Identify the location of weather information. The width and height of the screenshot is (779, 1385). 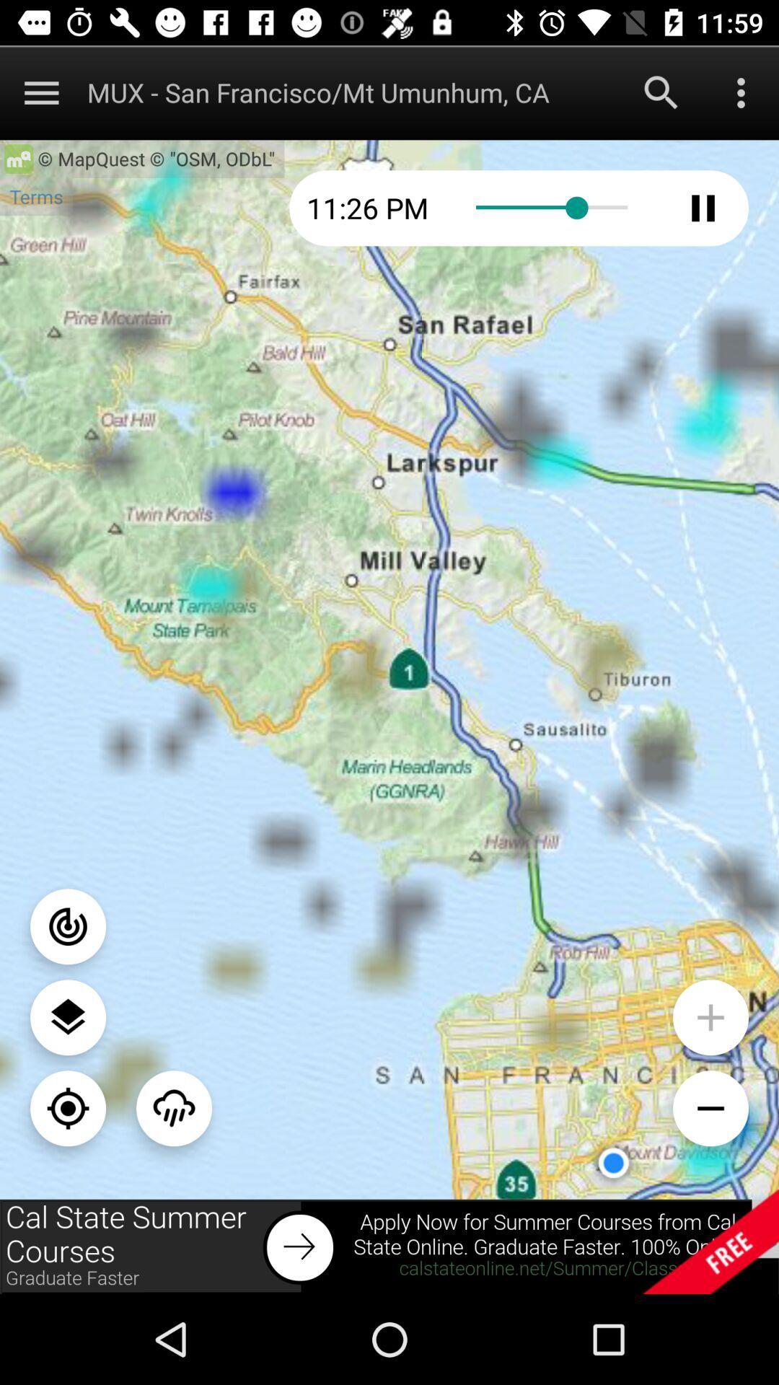
(173, 1107).